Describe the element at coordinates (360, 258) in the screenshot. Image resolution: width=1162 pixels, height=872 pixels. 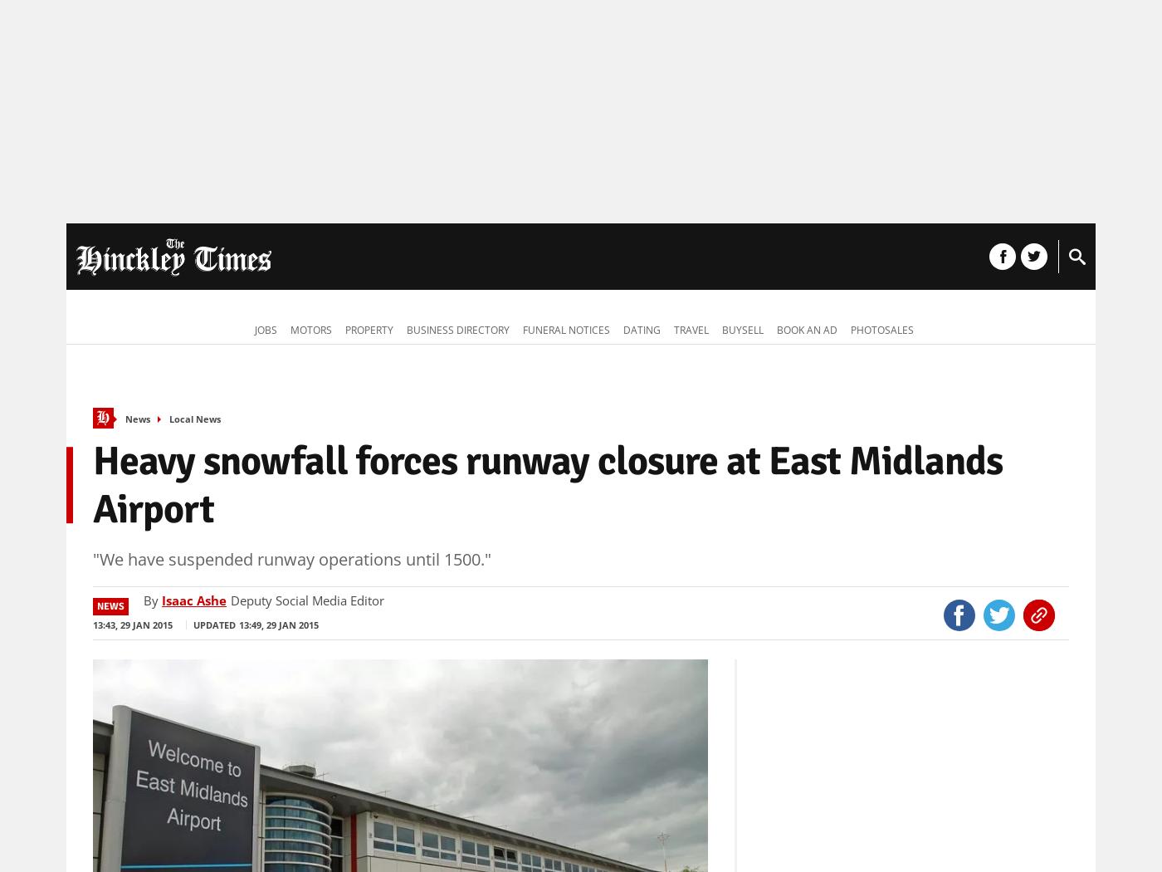
I see `'In Your Area'` at that location.